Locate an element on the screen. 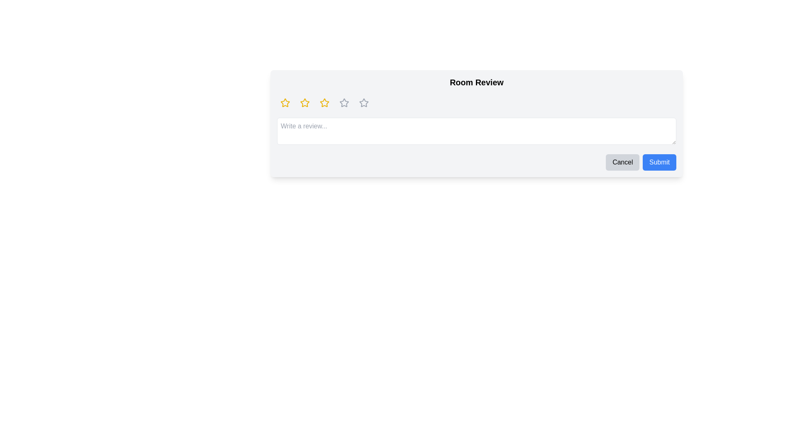 Image resolution: width=787 pixels, height=443 pixels. the fourth interactive star icon in the rating sequence is located at coordinates (344, 102).